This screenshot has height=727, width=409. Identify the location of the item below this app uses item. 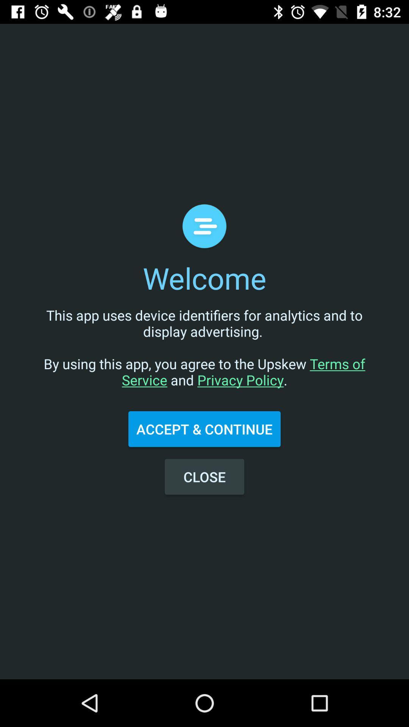
(204, 429).